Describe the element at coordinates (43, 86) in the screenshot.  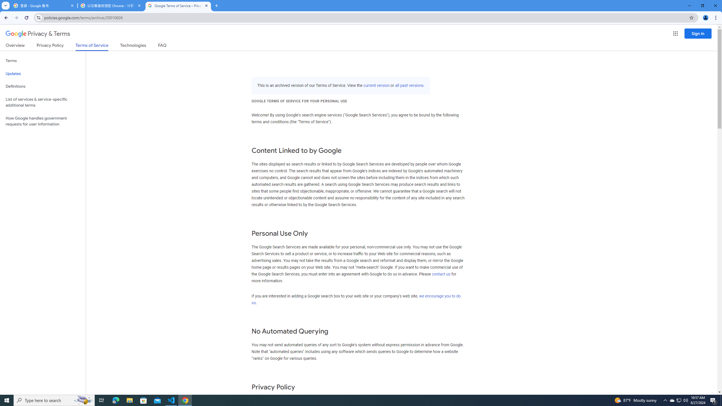
I see `'Definitions'` at that location.